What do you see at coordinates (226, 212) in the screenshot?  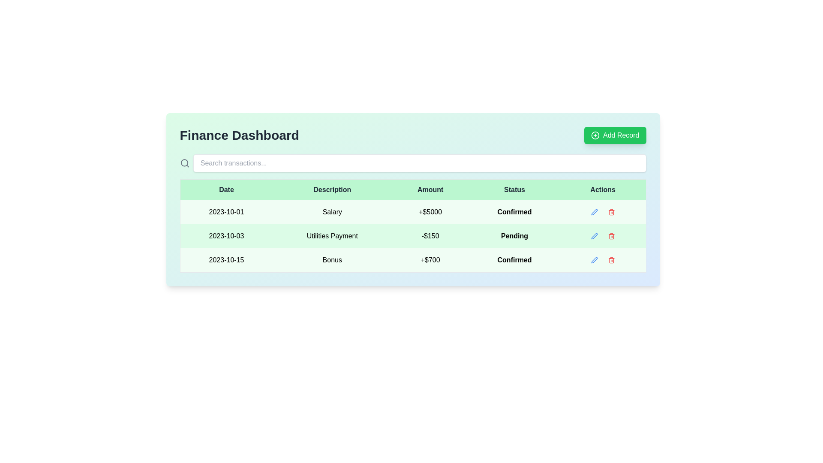 I see `the text label displaying the date '2023-10-01', which is centered in a pale green table row under the 'Date' column` at bounding box center [226, 212].